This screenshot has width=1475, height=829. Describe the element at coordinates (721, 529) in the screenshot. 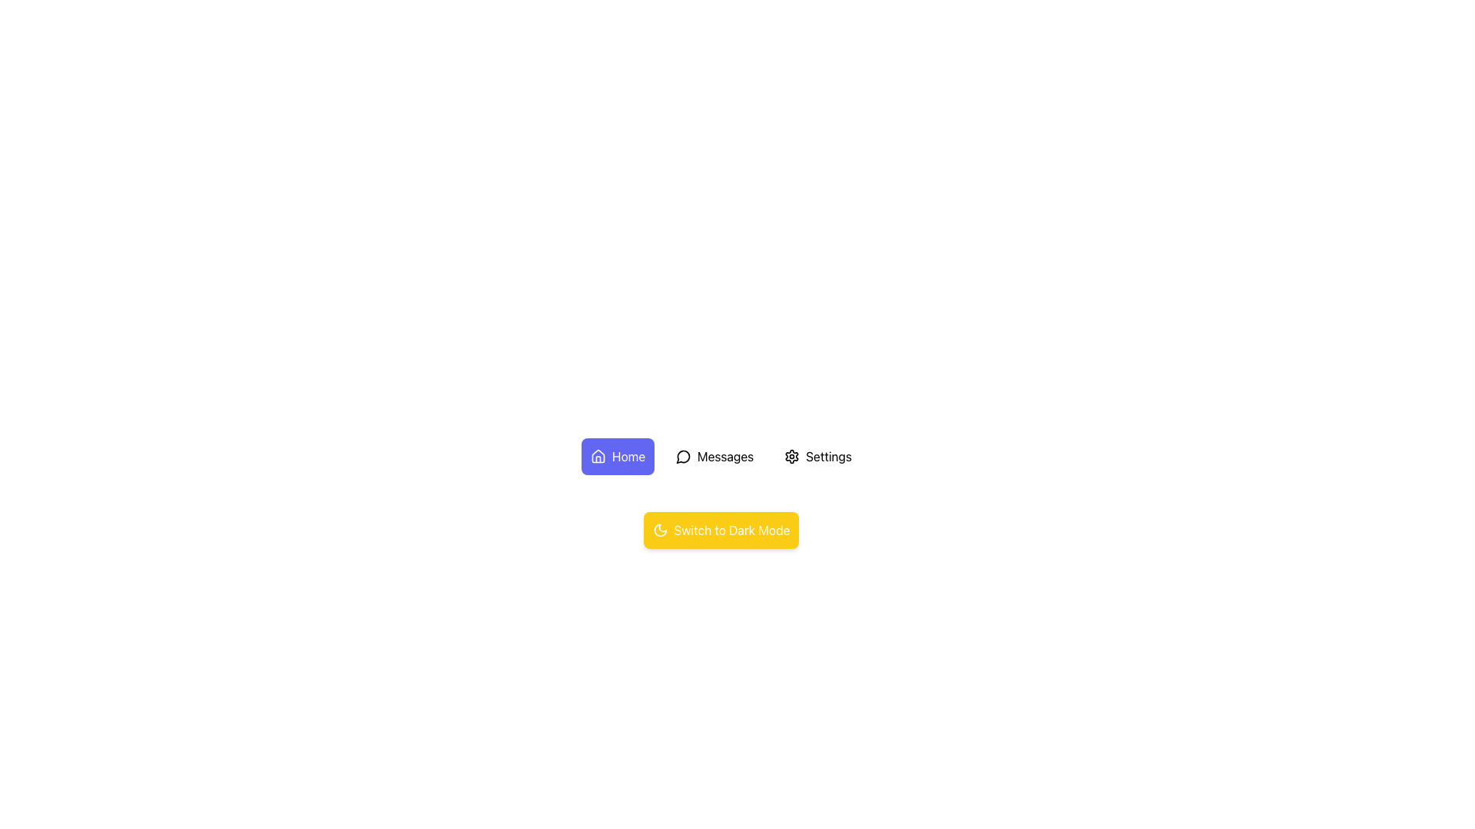

I see `the dark mode toggle button located below the 'Home', 'Messages', and 'Settings' buttons to observe visual feedback` at that location.